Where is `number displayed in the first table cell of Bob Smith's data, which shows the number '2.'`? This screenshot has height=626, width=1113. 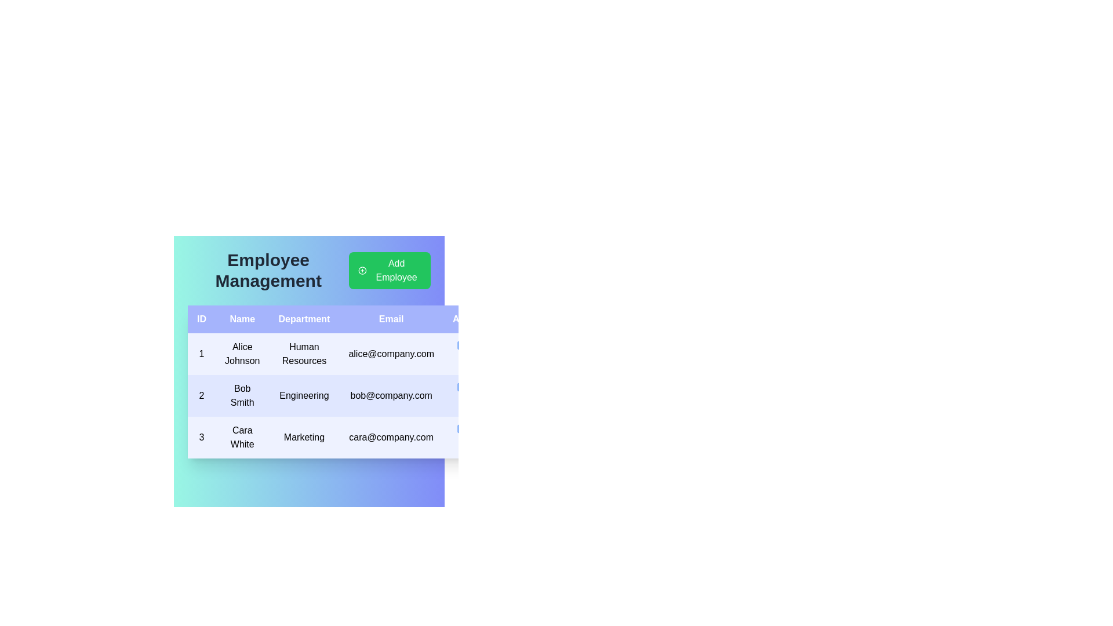 number displayed in the first table cell of Bob Smith's data, which shows the number '2.' is located at coordinates (201, 395).